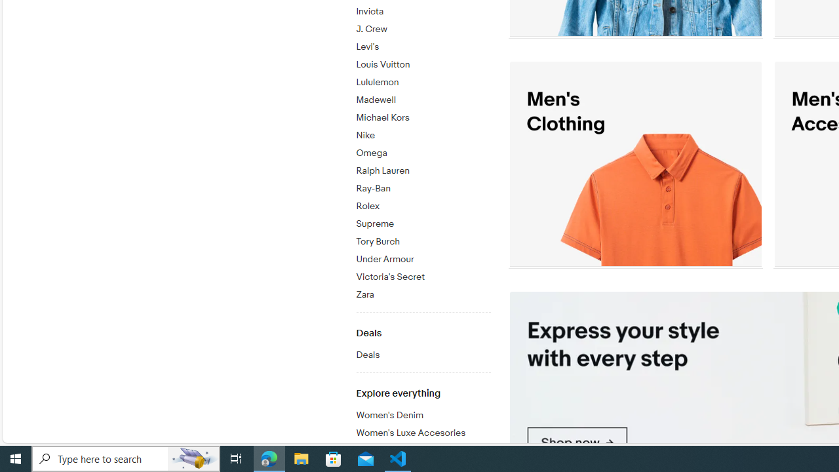 The image size is (839, 472). Describe the element at coordinates (423, 260) in the screenshot. I see `'Under Armour'` at that location.